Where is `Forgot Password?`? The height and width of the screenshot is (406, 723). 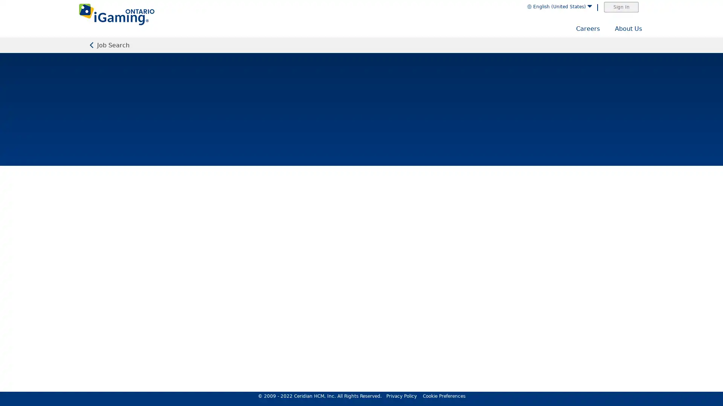 Forgot Password? is located at coordinates (411, 220).